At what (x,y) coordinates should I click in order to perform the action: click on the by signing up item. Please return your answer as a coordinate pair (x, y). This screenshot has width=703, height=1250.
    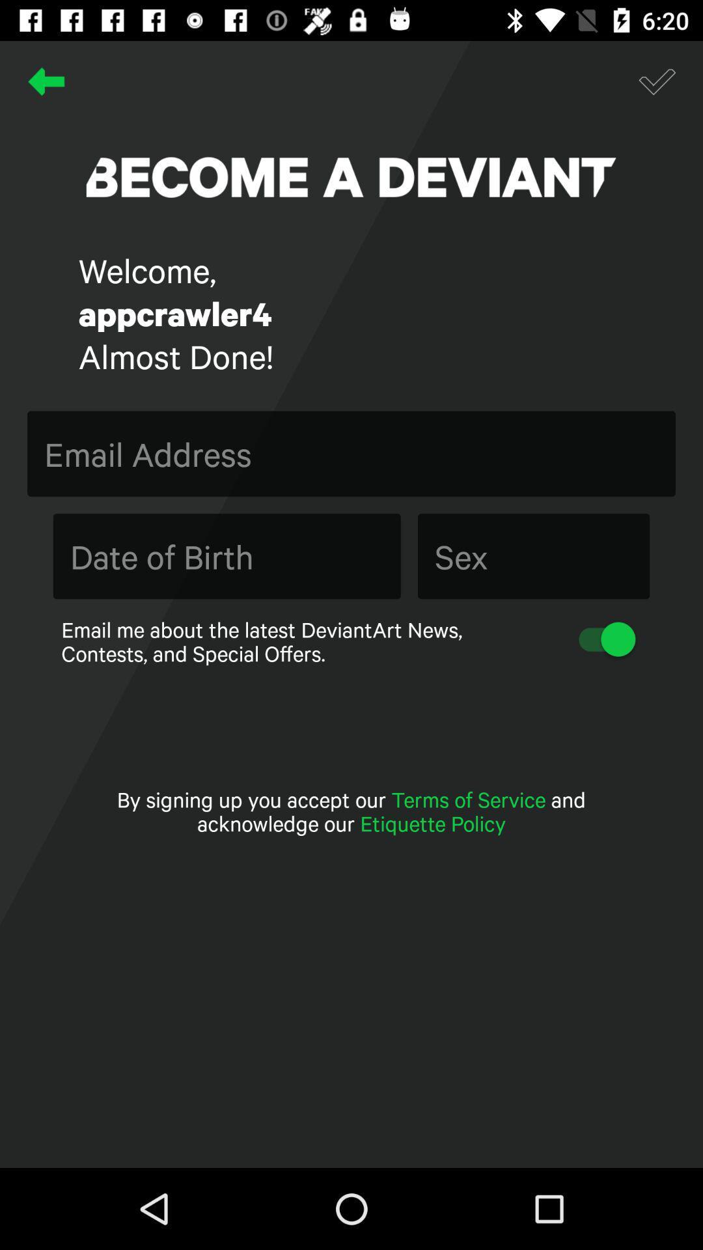
    Looking at the image, I should click on (351, 811).